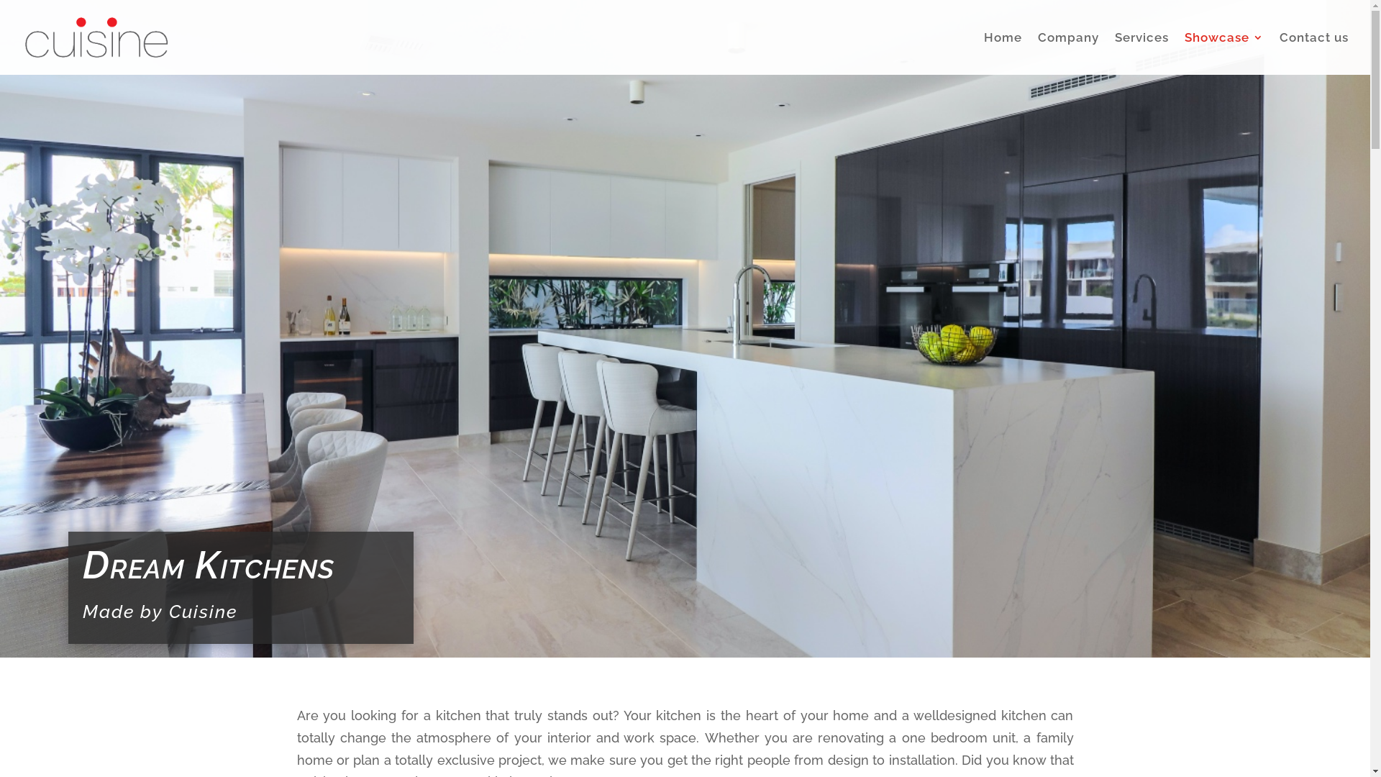 Image resolution: width=1381 pixels, height=777 pixels. Describe the element at coordinates (1068, 53) in the screenshot. I see `'Company'` at that location.